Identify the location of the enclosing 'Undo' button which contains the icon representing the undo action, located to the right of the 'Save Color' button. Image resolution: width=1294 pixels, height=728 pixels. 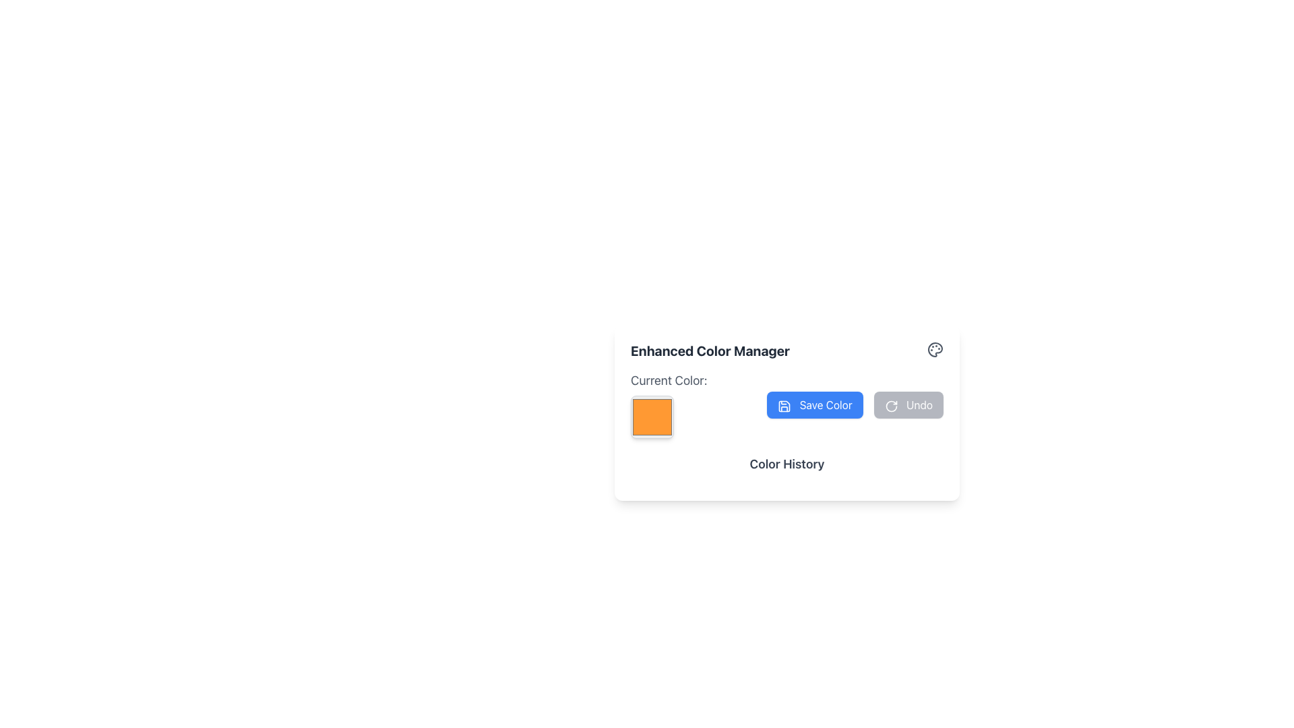
(891, 405).